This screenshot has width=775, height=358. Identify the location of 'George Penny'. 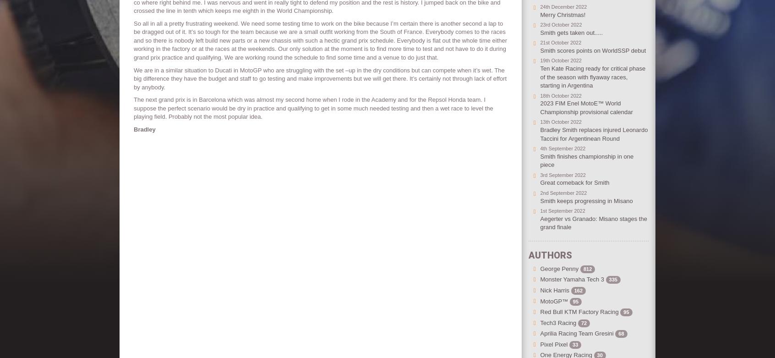
(560, 268).